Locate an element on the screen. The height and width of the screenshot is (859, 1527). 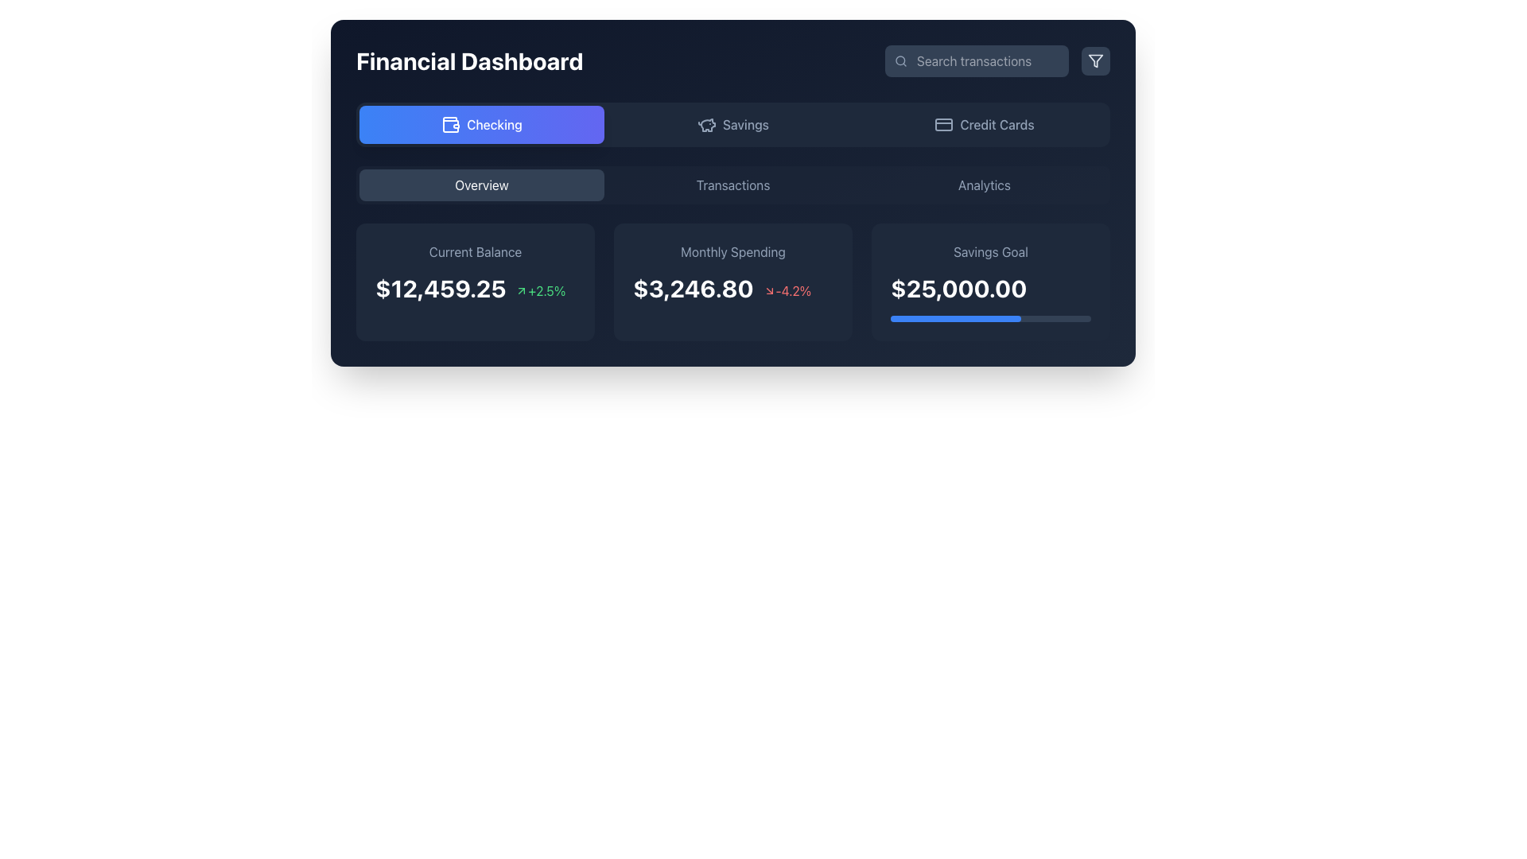
financial metric displayed in the composite element for current monthly spending, which is located in the 'Monthly Spending' panel, the second of three panels in a row is located at coordinates (732, 288).